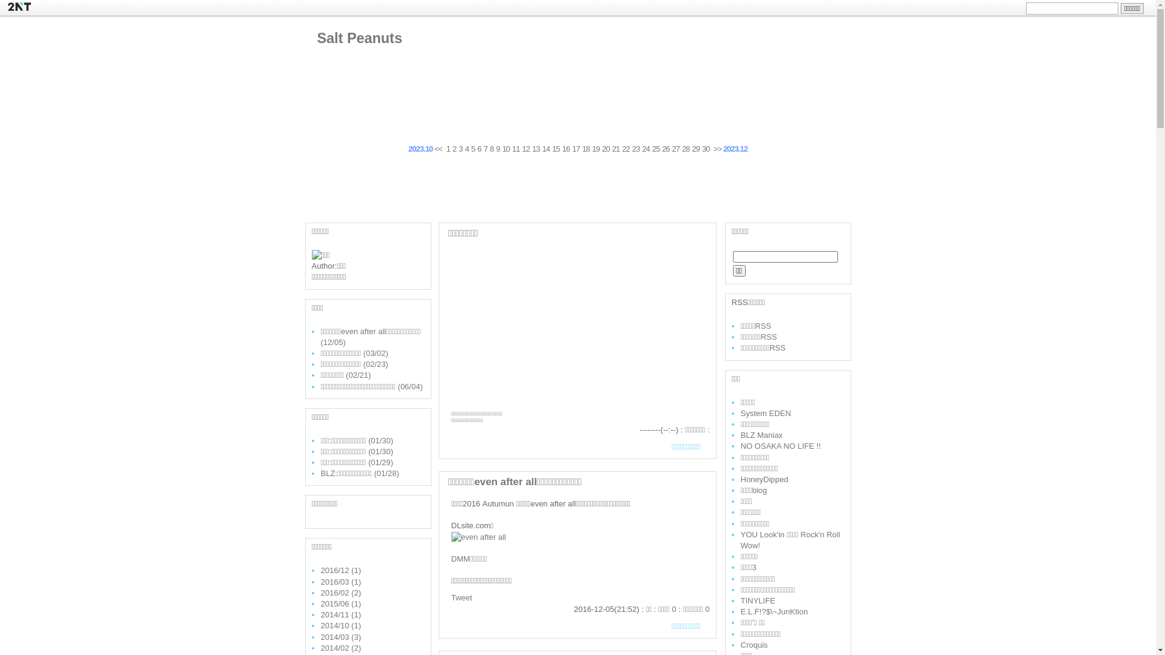  What do you see at coordinates (340, 603) in the screenshot?
I see `'2015/06 (1)'` at bounding box center [340, 603].